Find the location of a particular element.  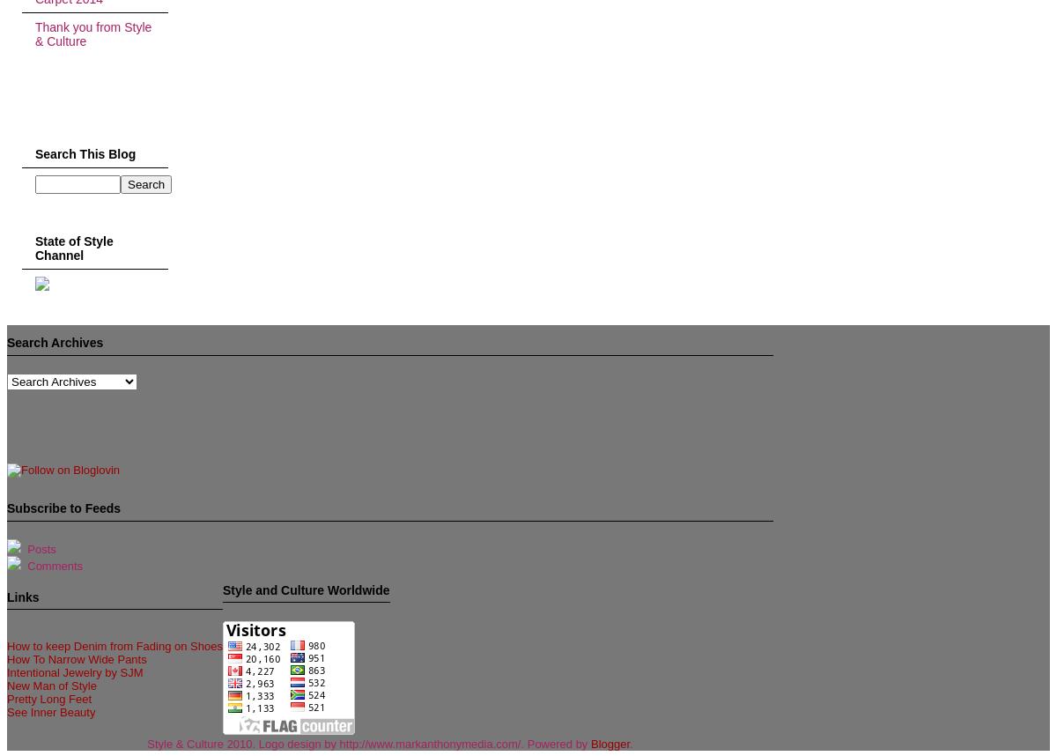

'Links' is located at coordinates (5, 595).